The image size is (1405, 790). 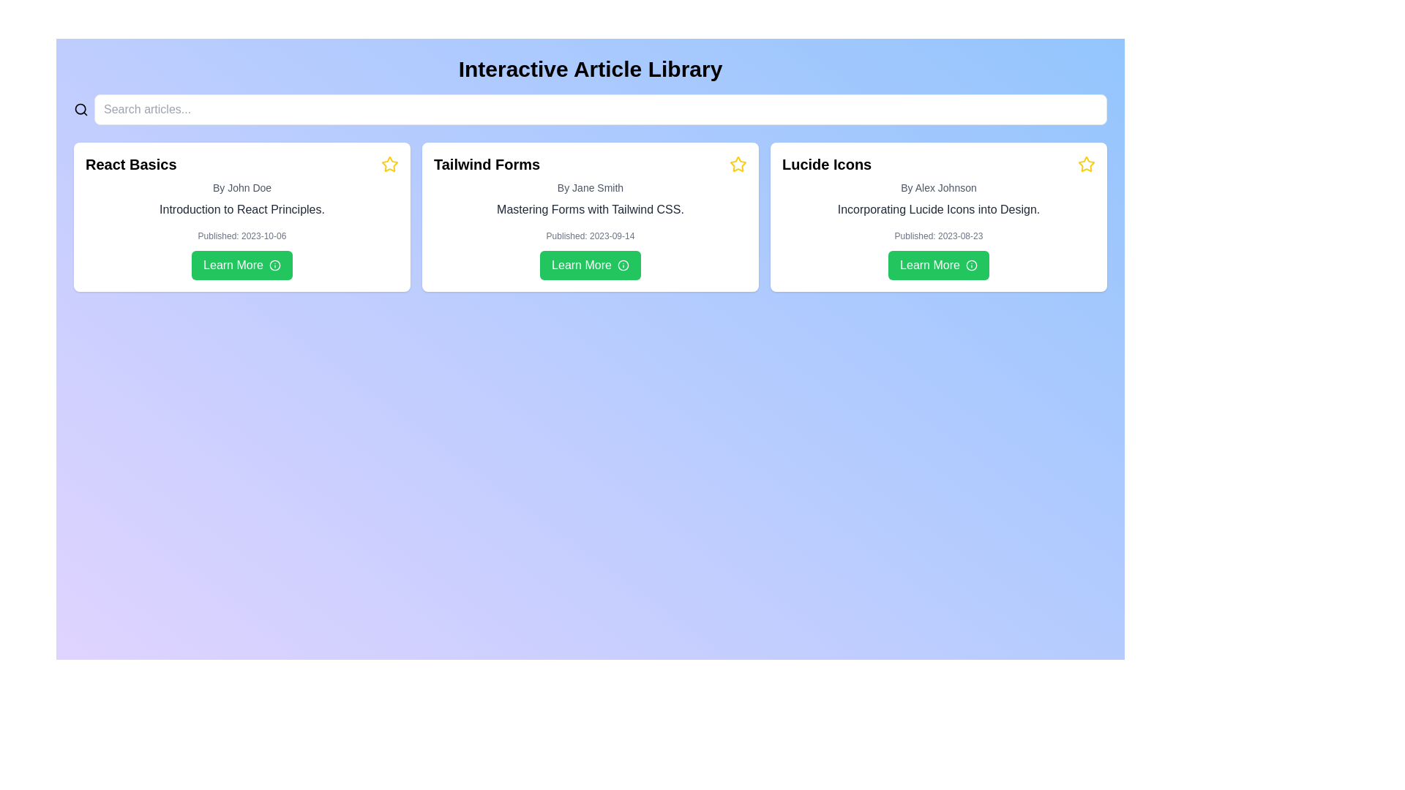 What do you see at coordinates (590, 236) in the screenshot?
I see `text content of the publication date label located in the middle article card titled 'Tailwind Forms', positioned beneath the descriptive text 'Mastering Forms with Tailwind CSS.' and above the green 'Learn More' button` at bounding box center [590, 236].